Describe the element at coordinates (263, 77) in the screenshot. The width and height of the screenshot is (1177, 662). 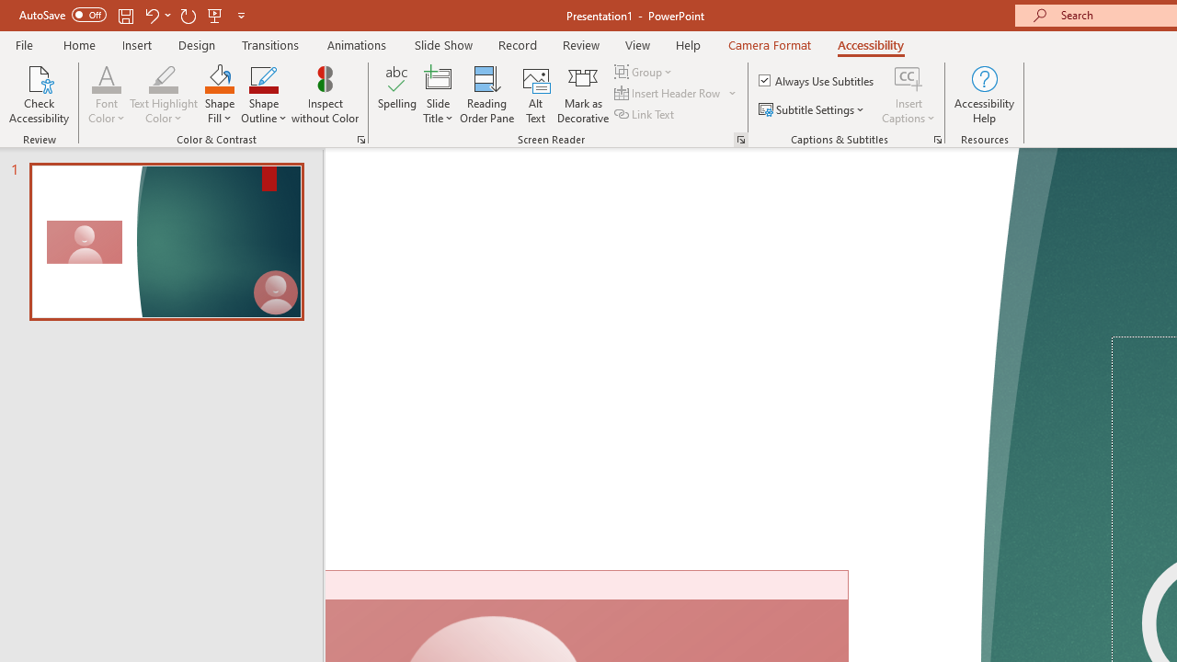
I see `'Shape Outline Blue, Accent 1'` at that location.